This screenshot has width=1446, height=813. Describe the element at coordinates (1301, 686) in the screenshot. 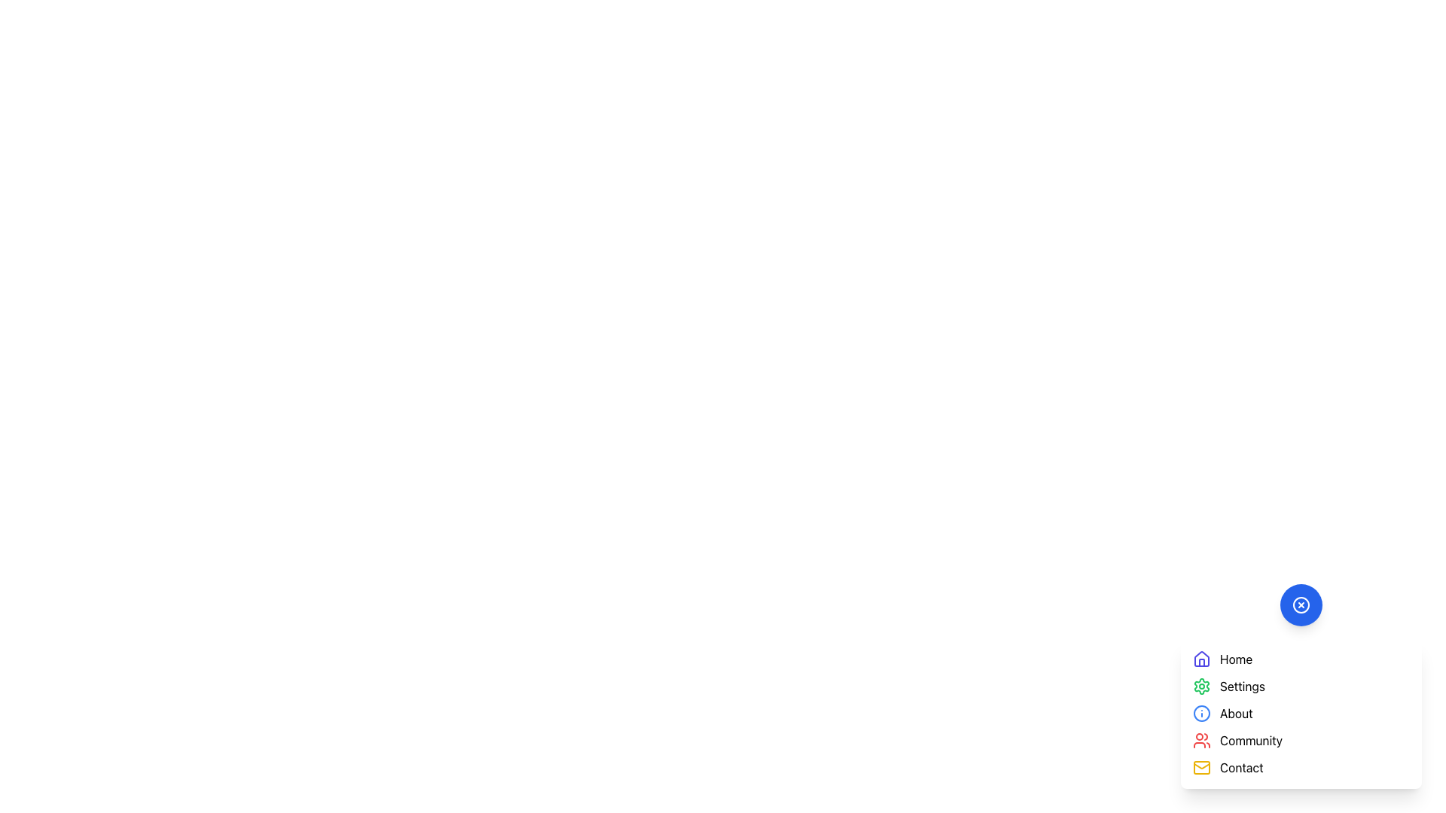

I see `the 'Settings' menu item, which is the second item in the vertical navigation menu` at that location.